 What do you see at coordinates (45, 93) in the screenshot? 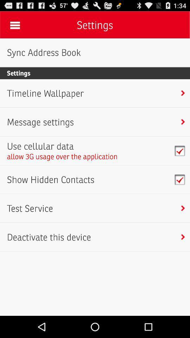
I see `timeline wallpaper app` at bounding box center [45, 93].